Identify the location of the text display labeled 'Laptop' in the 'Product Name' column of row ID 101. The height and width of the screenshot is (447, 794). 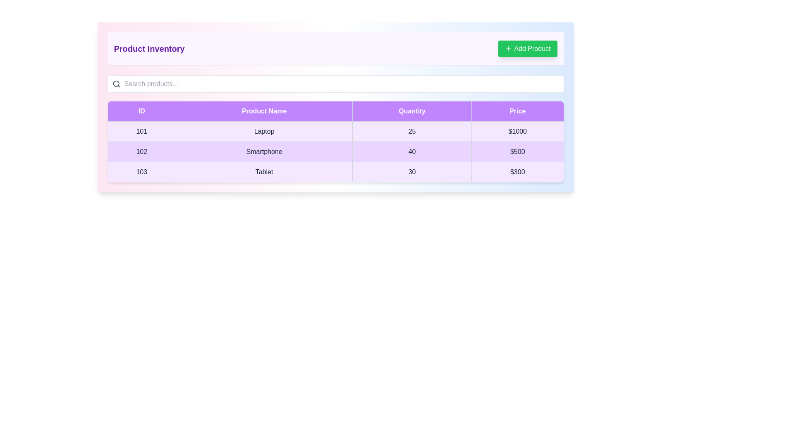
(264, 131).